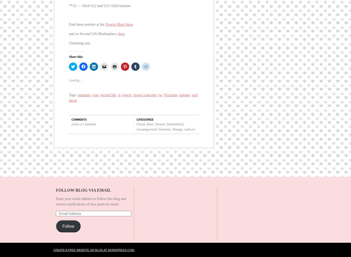 The width and height of the screenshot is (351, 257). What do you see at coordinates (94, 245) in the screenshot?
I see `'Create a free website or blog at WordPress.com.'` at bounding box center [94, 245].